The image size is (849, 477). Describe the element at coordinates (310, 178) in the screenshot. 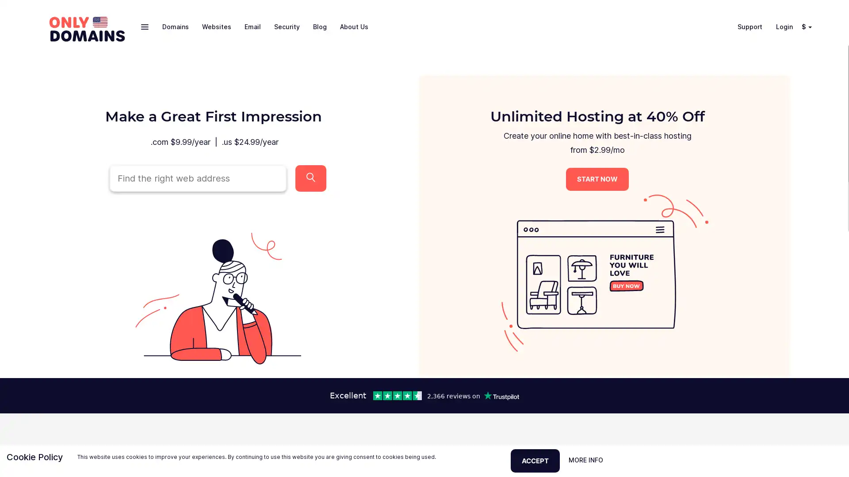

I see `Search Domain Button` at that location.